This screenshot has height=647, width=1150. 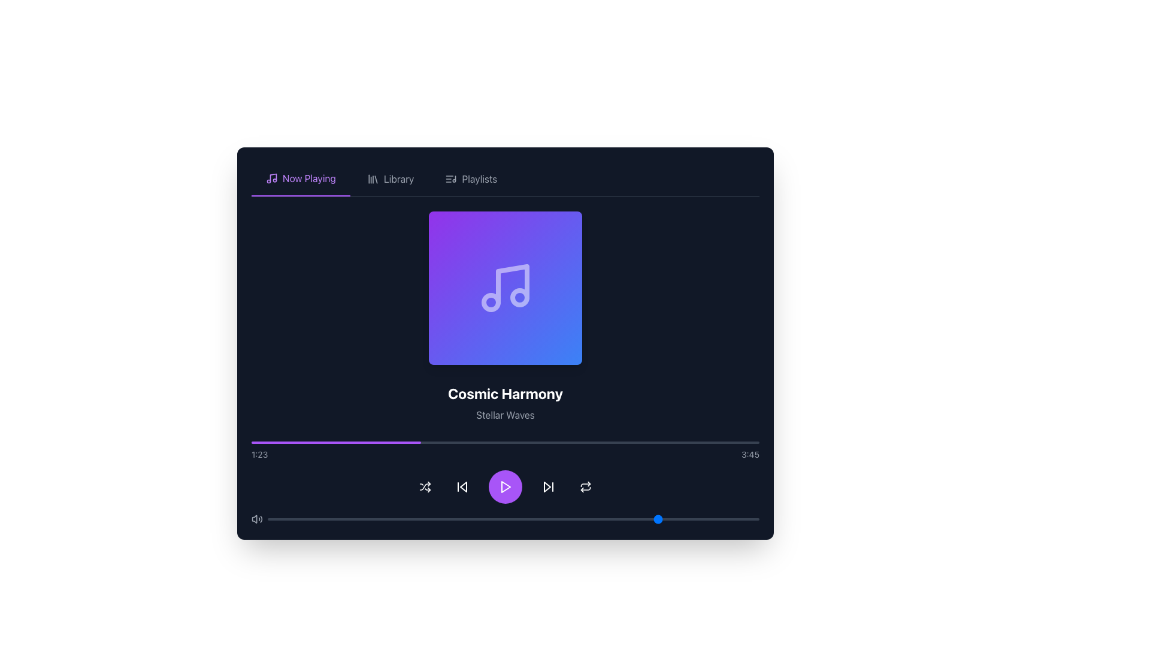 What do you see at coordinates (597, 519) in the screenshot?
I see `the slider` at bounding box center [597, 519].